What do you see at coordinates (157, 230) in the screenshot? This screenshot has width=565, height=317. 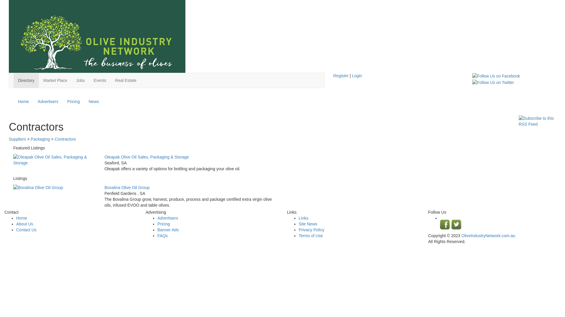 I see `'Banner Ads'` at bounding box center [157, 230].